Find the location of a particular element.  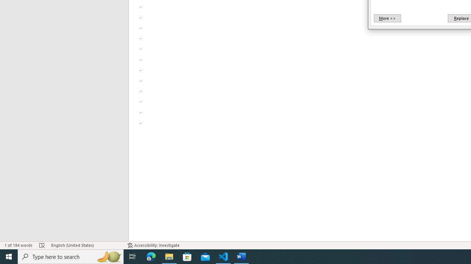

'Search highlights icon opens search home window' is located at coordinates (108, 256).